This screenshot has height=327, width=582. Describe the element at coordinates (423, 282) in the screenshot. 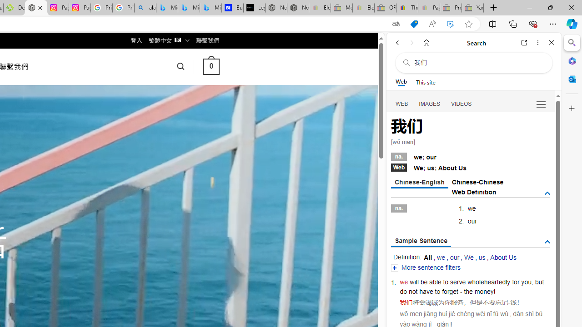

I see `'be'` at that location.